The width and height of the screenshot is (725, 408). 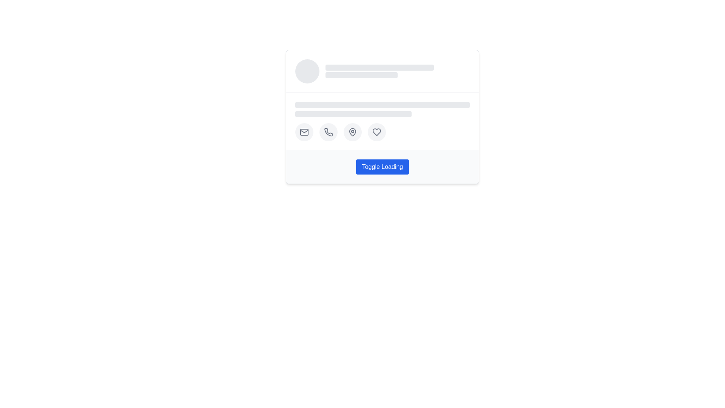 What do you see at coordinates (379, 67) in the screenshot?
I see `the first Skeleton Placeholder element, which is a rounded rectangle with a gray background, styled as a loading skeleton` at bounding box center [379, 67].